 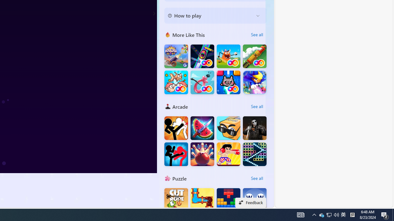 What do you see at coordinates (228, 200) in the screenshot?
I see `'BlockBuster: Adventures Puzzle'` at bounding box center [228, 200].